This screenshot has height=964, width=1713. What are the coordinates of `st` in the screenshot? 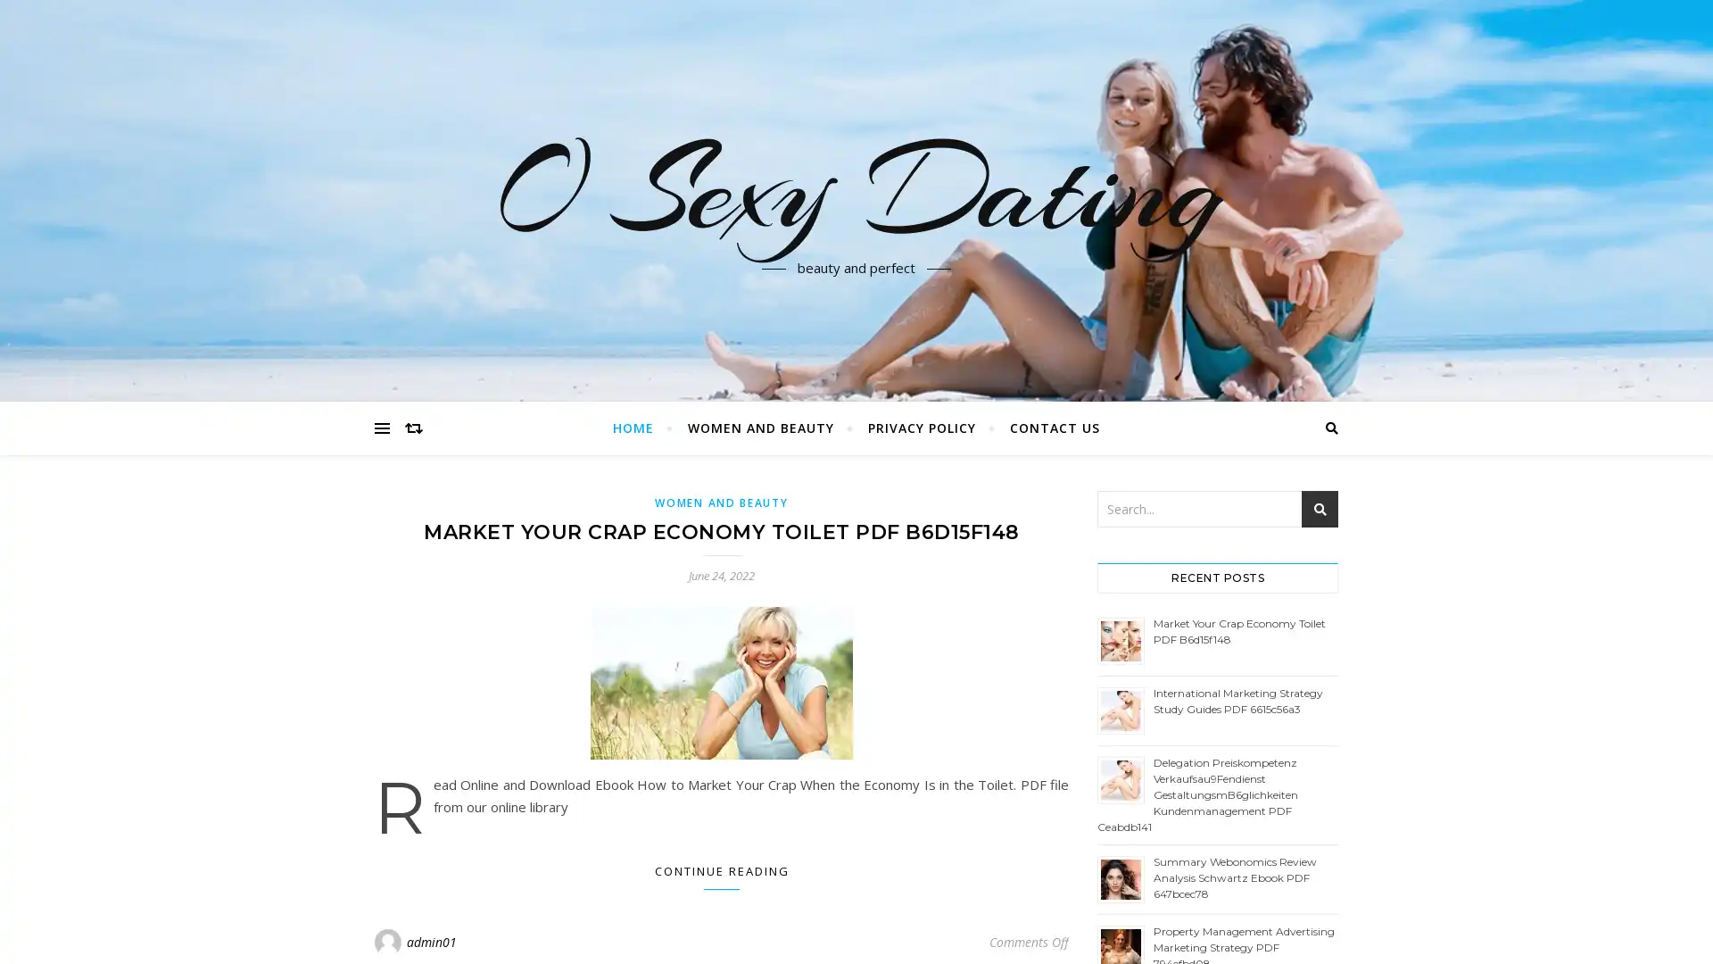 It's located at (1320, 509).